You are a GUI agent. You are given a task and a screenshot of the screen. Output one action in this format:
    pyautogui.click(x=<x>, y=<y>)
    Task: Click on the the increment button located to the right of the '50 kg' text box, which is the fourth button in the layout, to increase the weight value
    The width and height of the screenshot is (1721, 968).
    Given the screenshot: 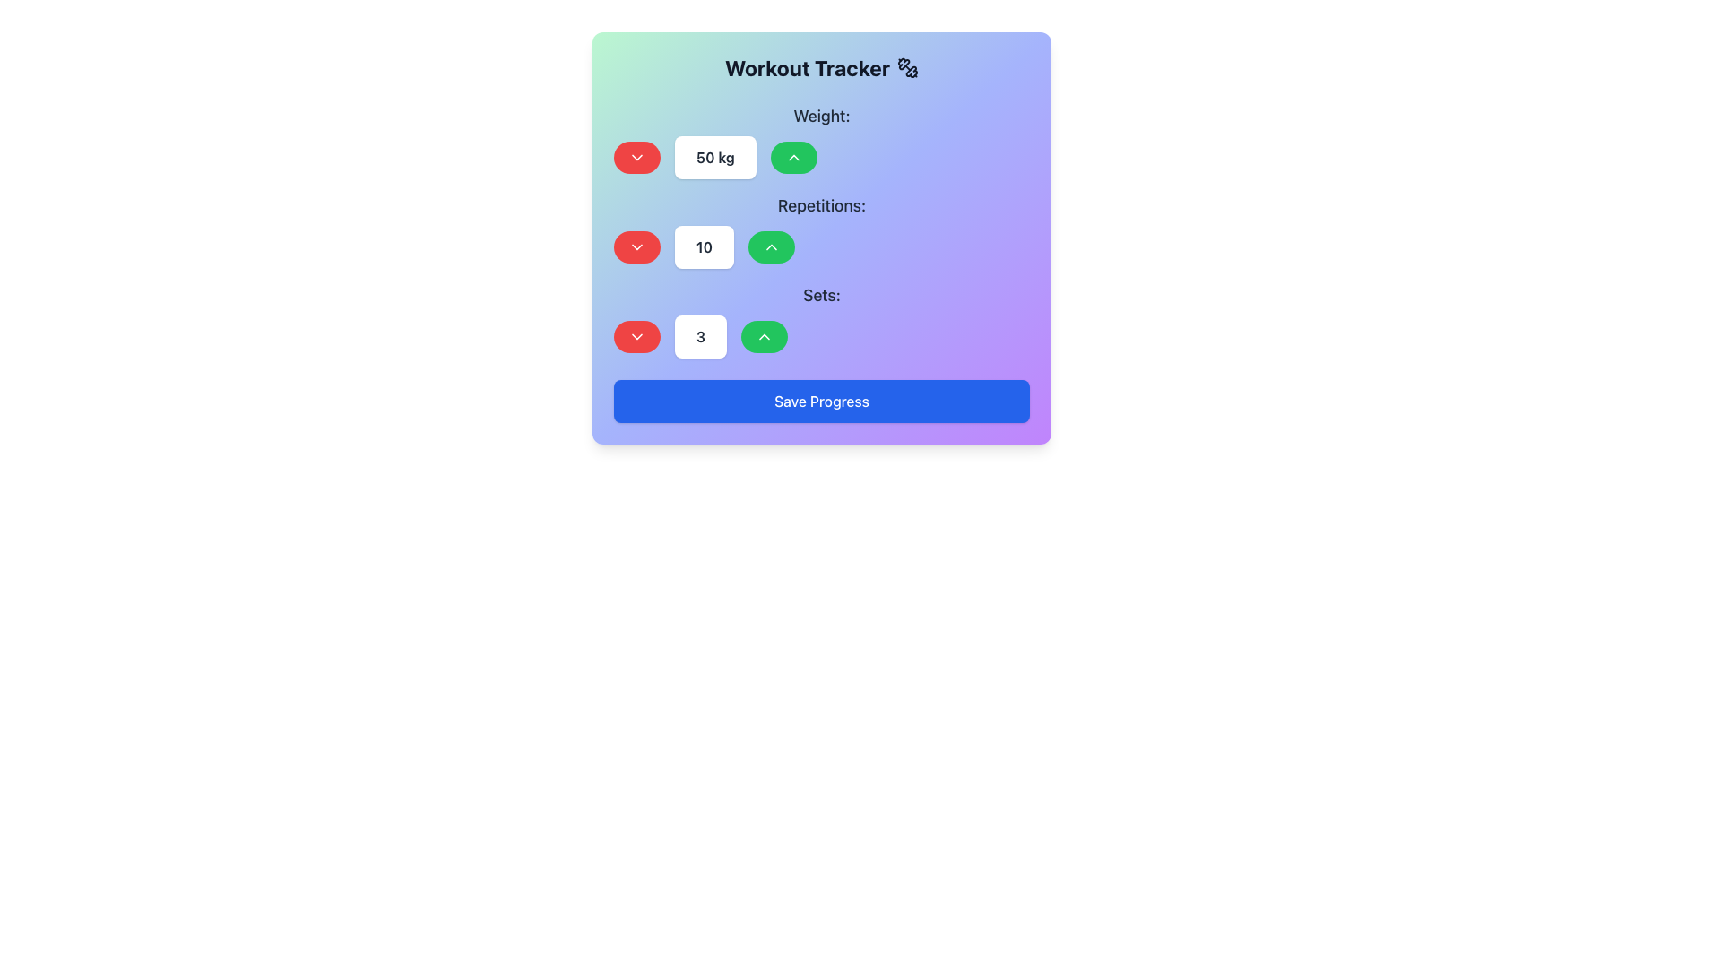 What is the action you would take?
    pyautogui.click(x=792, y=157)
    